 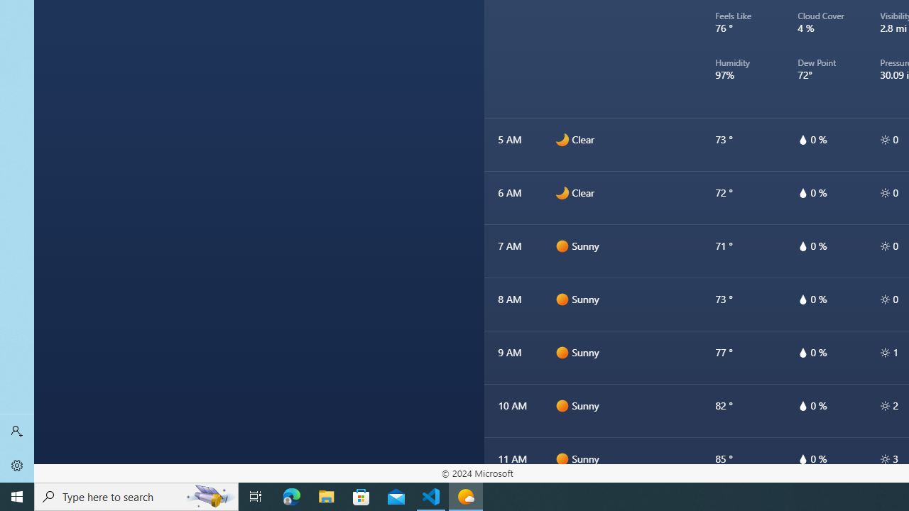 I want to click on 'Microsoft Edge', so click(x=291, y=495).